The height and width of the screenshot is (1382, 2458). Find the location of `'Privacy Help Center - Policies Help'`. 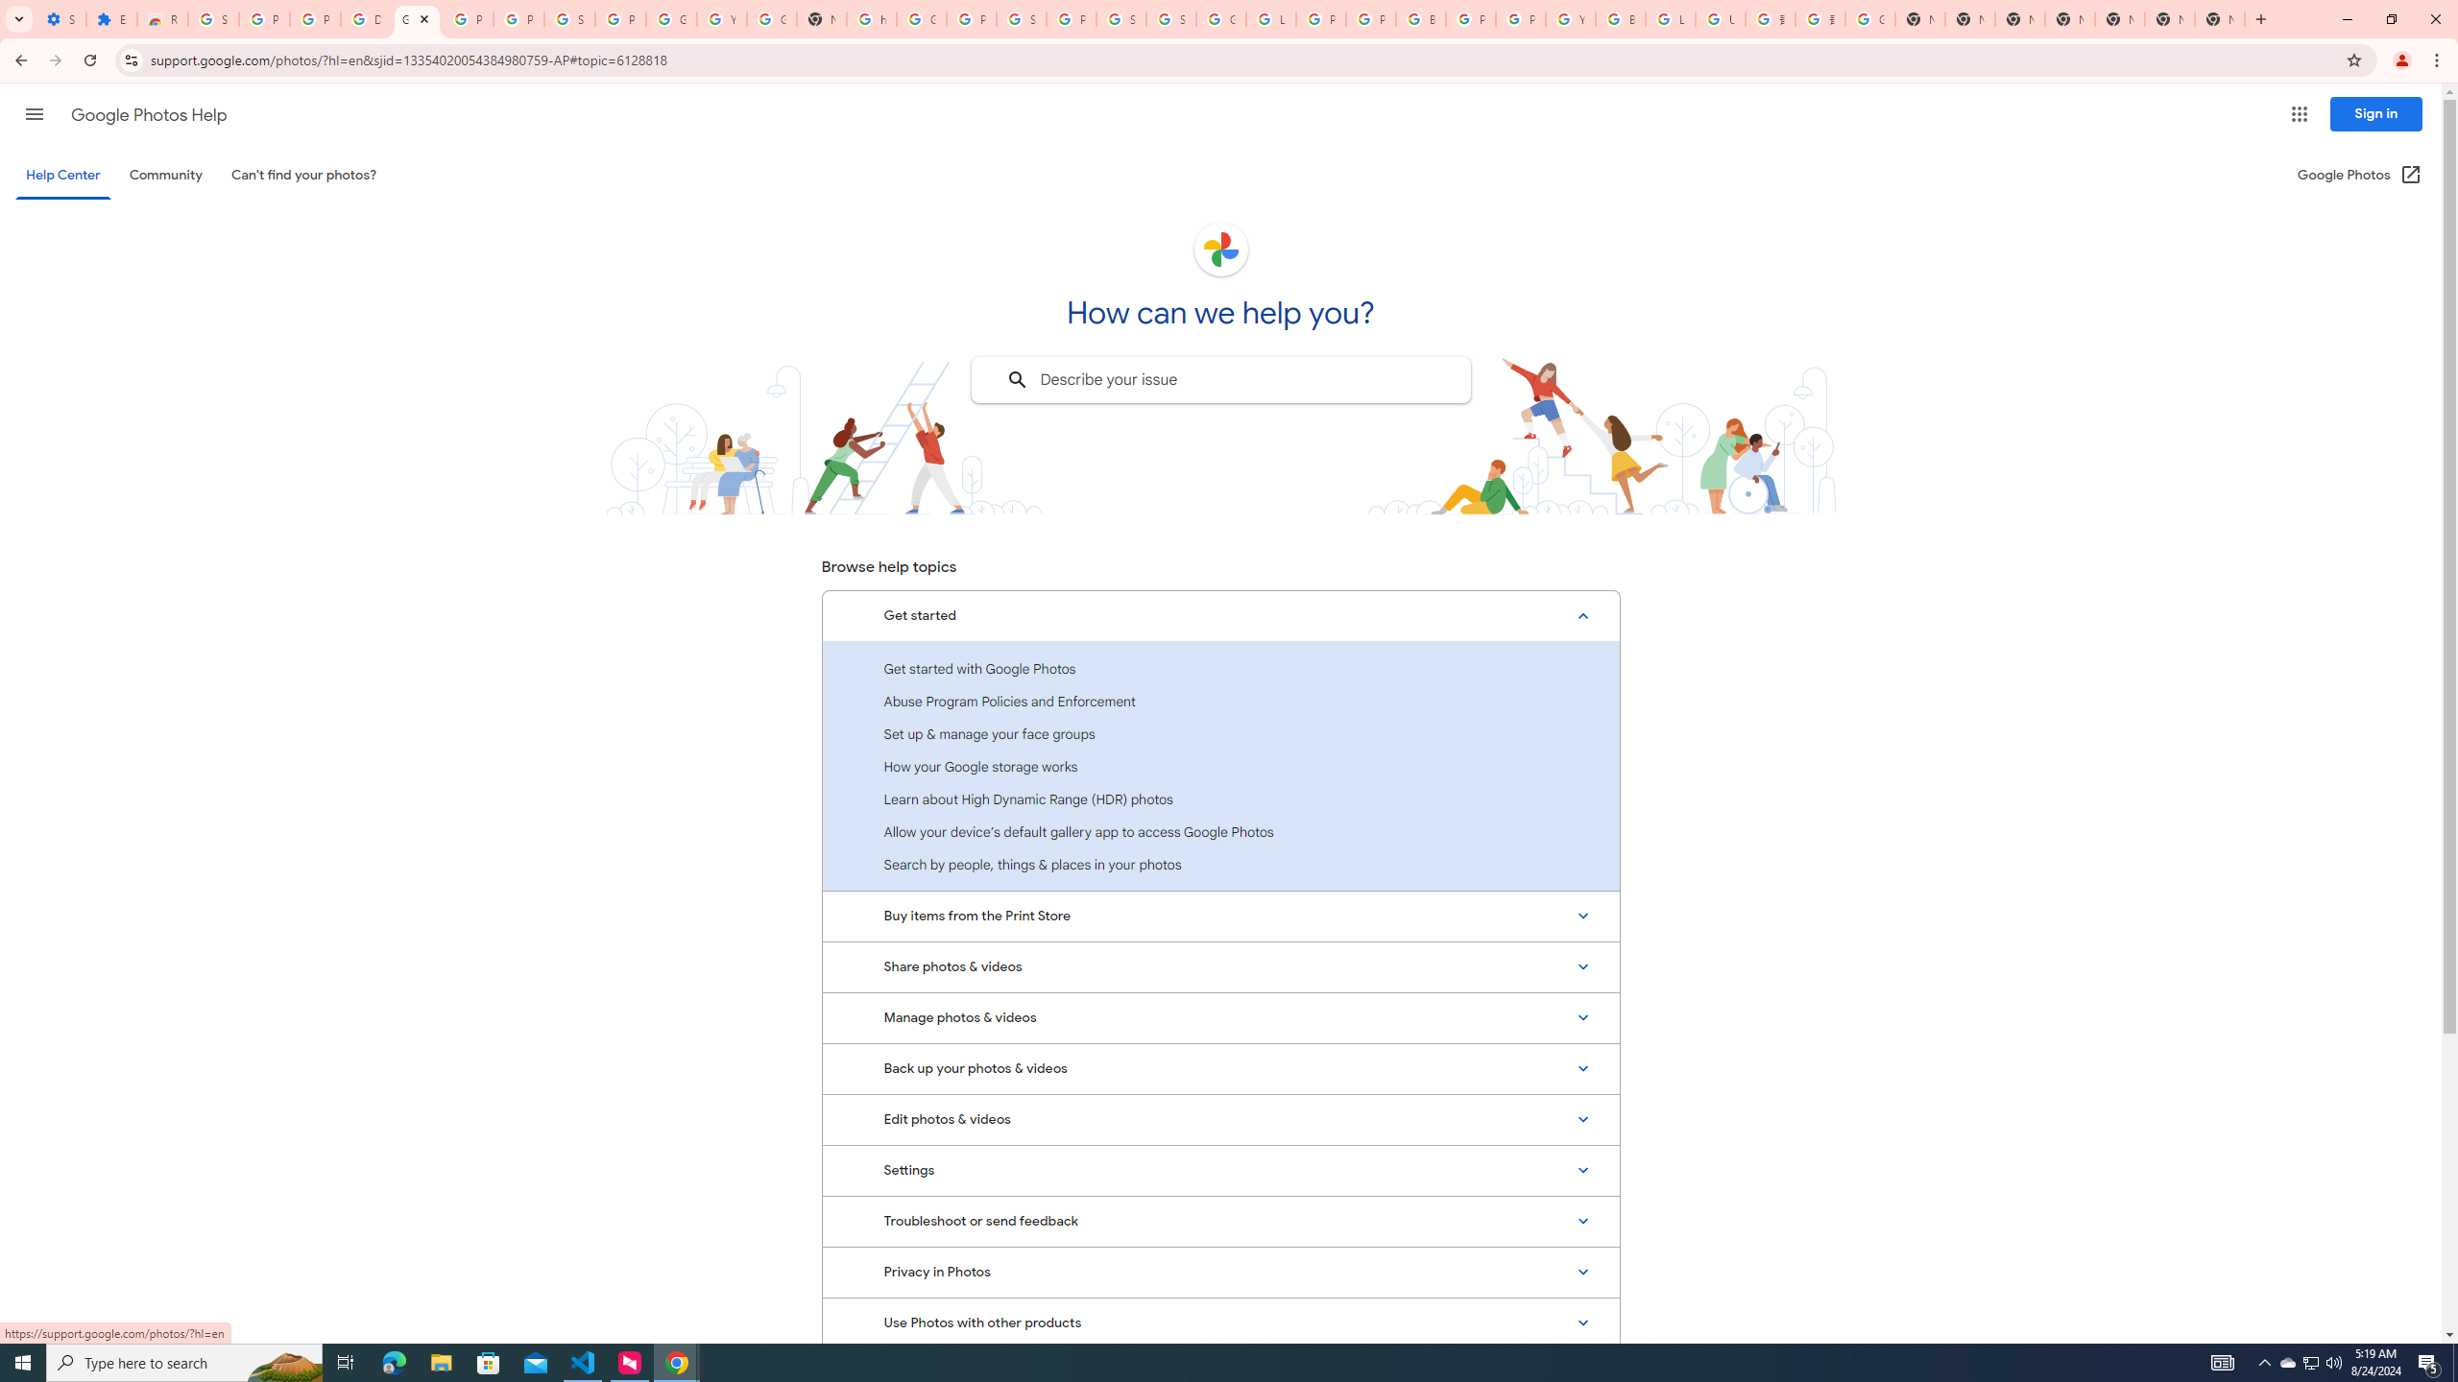

'Privacy Help Center - Policies Help' is located at coordinates (1320, 18).